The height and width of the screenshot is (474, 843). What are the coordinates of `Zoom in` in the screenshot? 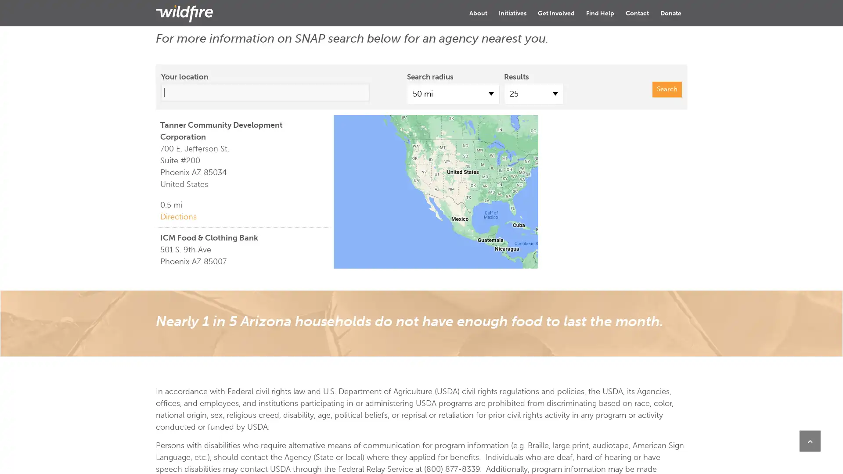 It's located at (346, 127).